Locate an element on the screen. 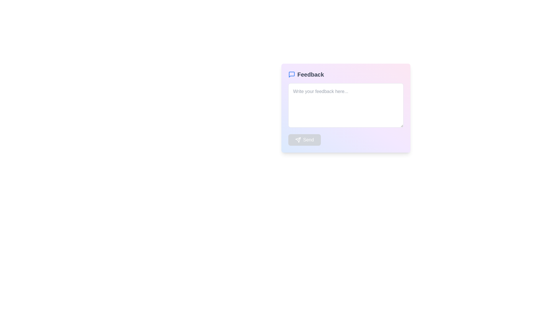 Image resolution: width=553 pixels, height=311 pixels. the context of the rectangular icon with a speech bubble in a bold blue outline, located to the left of the 'Feedback' label is located at coordinates (291, 74).